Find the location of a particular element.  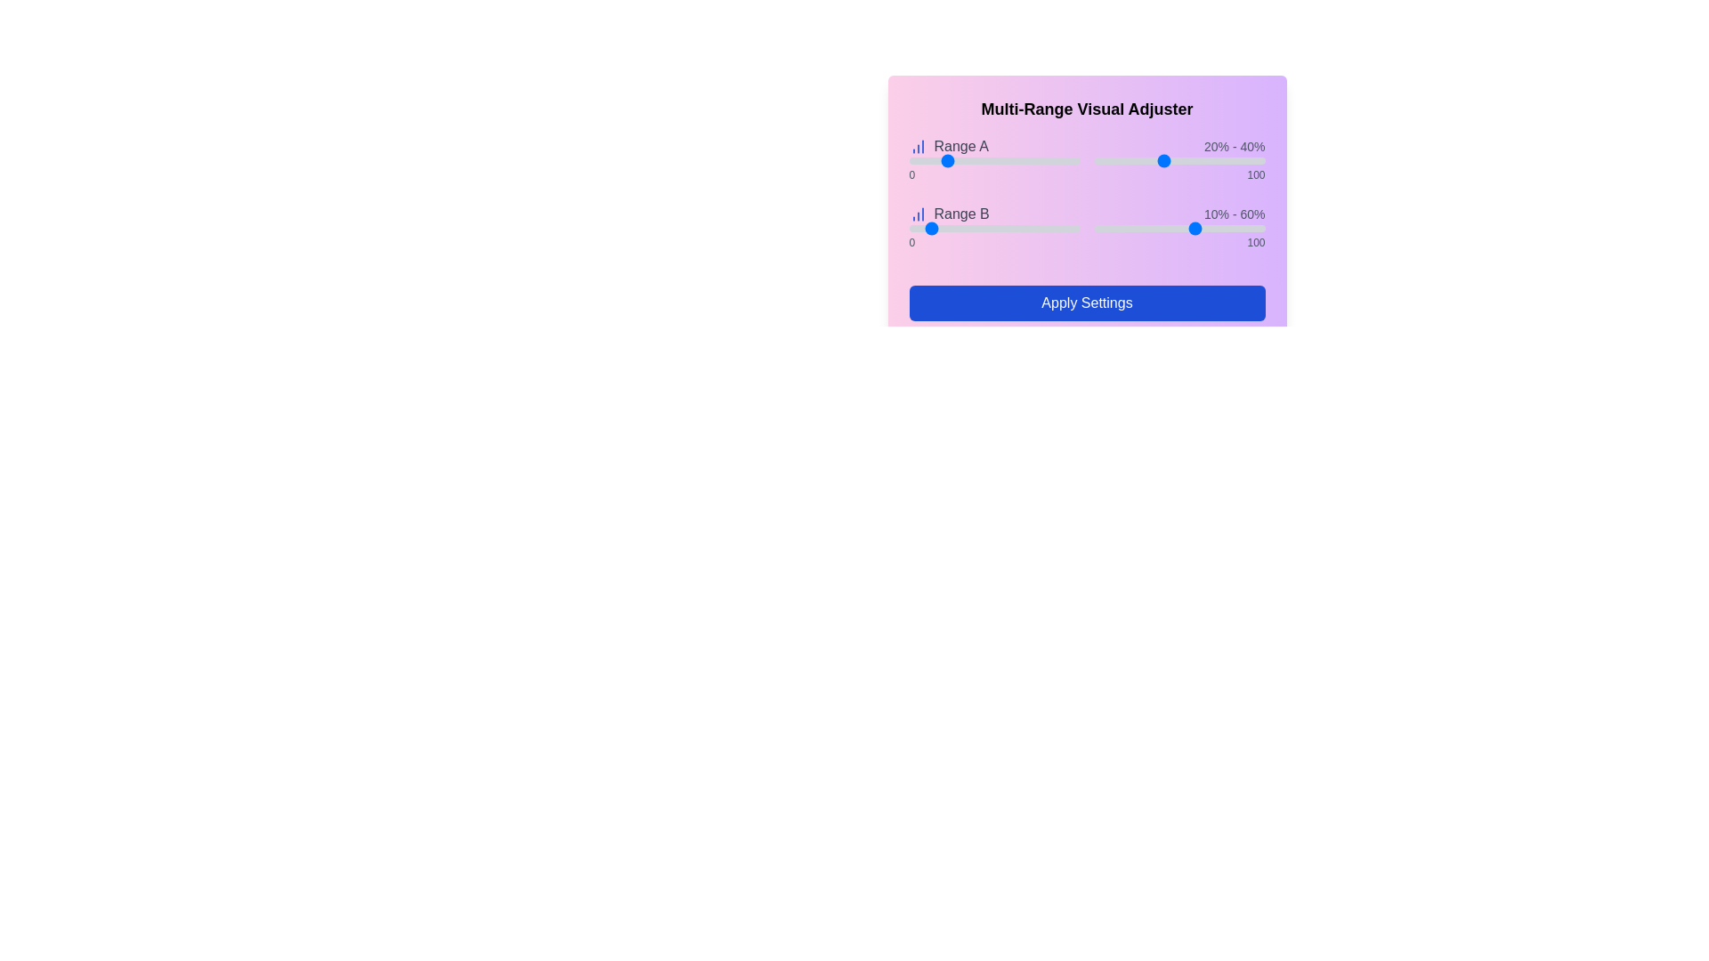

the slider is located at coordinates (1046, 161).